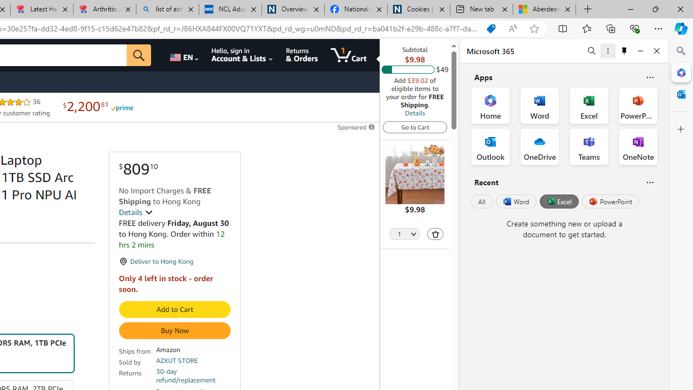 The image size is (693, 390). What do you see at coordinates (638, 147) in the screenshot?
I see `'OneNote Office App'` at bounding box center [638, 147].